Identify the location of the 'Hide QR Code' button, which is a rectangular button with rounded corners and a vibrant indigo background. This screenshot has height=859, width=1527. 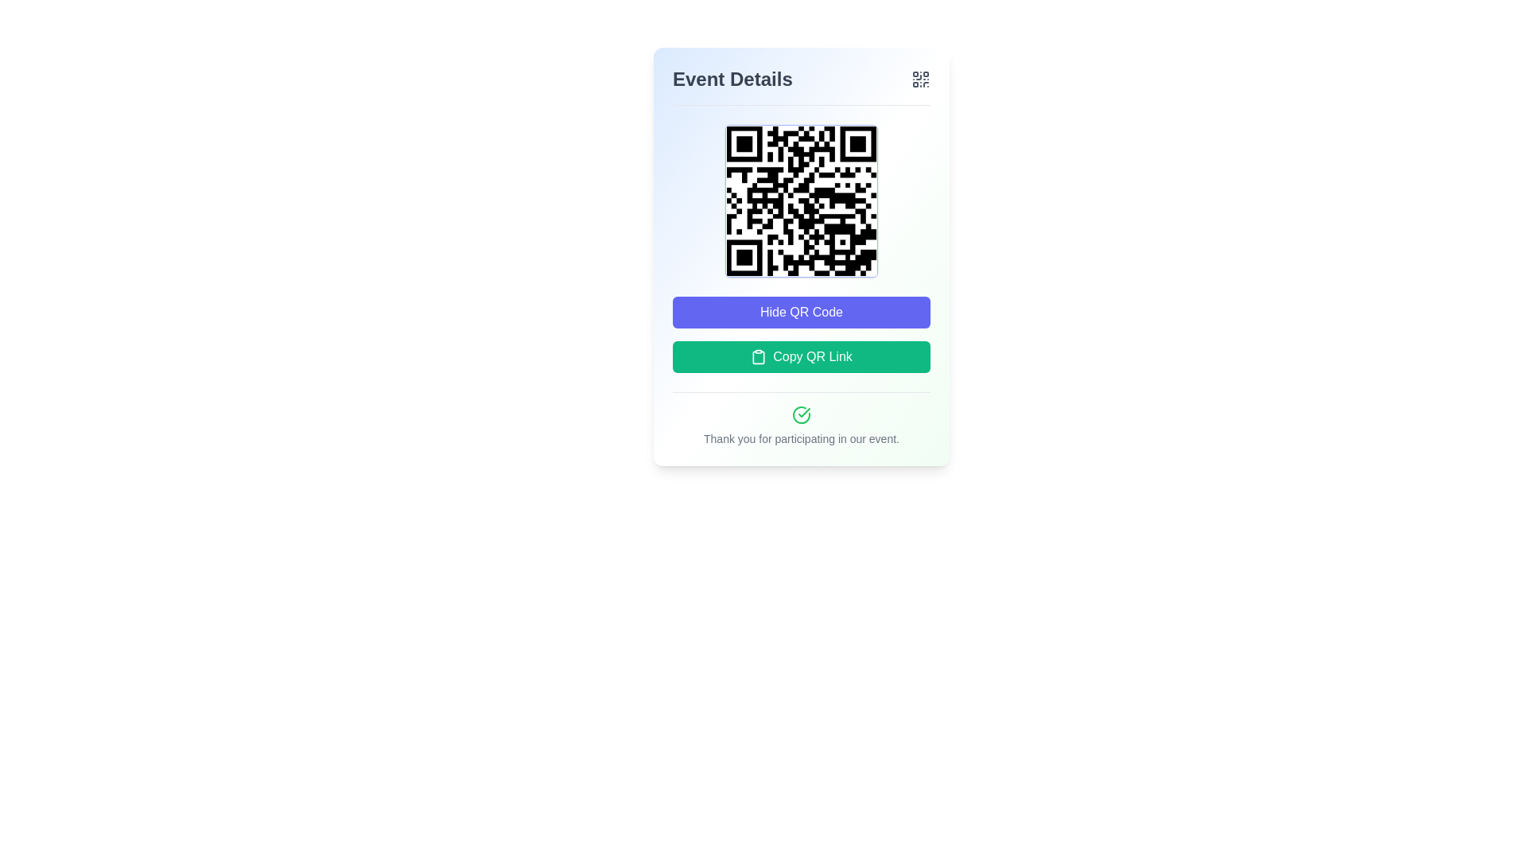
(802, 313).